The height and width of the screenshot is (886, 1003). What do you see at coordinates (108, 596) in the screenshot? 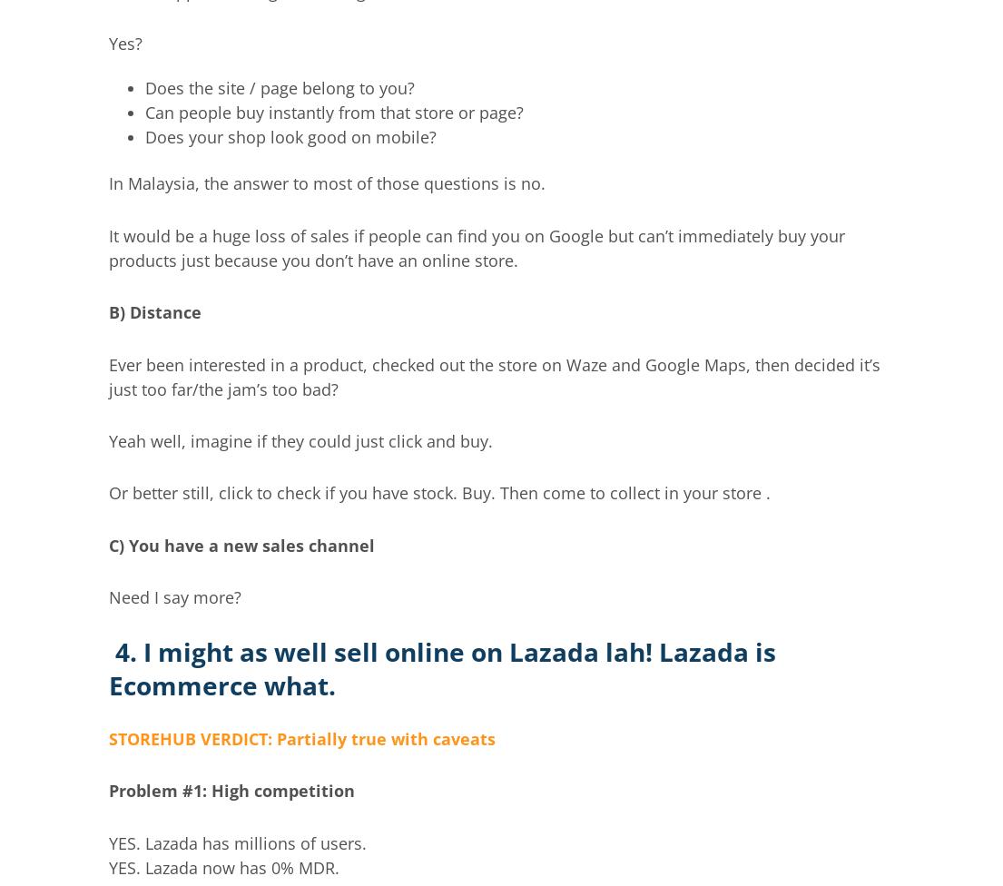
I see `'Need I say more?'` at bounding box center [108, 596].